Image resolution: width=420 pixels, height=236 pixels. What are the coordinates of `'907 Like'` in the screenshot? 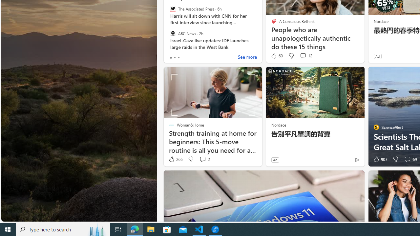 It's located at (380, 159).